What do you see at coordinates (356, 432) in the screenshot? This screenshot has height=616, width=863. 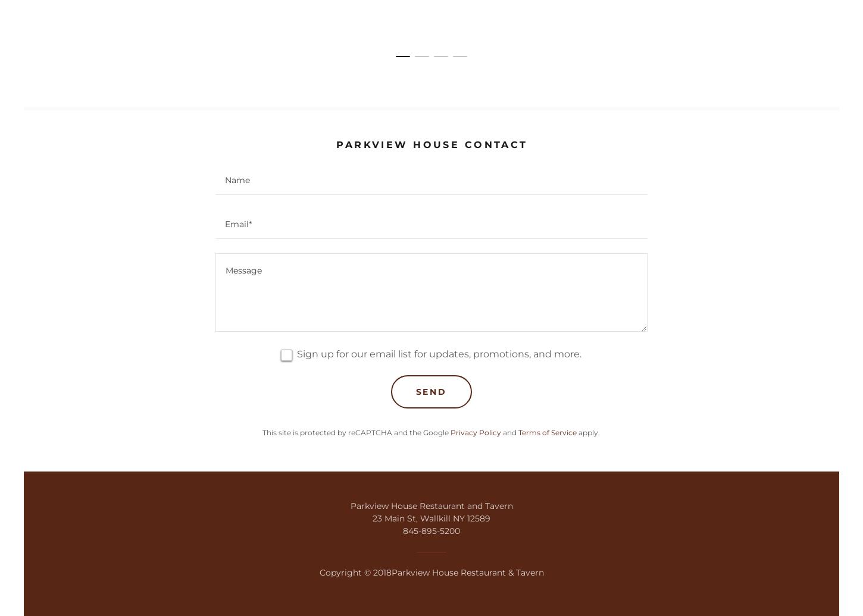 I see `'This site is protected by reCAPTCHA and the Google'` at bounding box center [356, 432].